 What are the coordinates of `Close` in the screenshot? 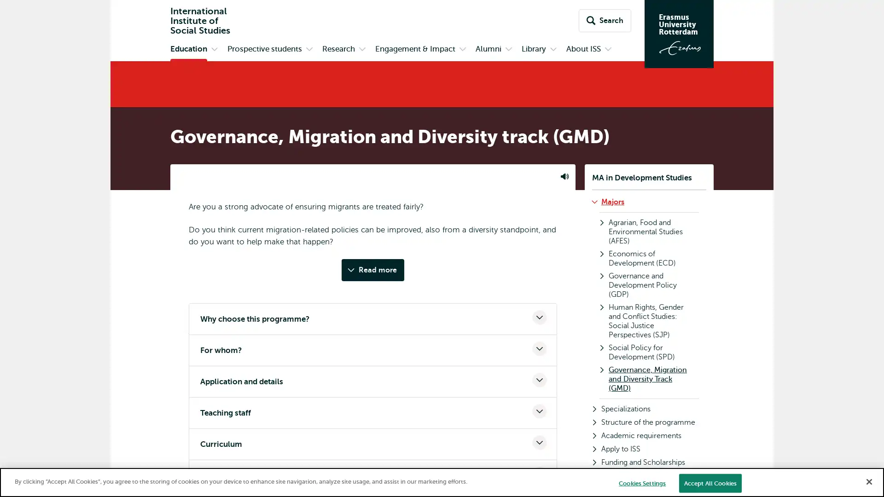 It's located at (868, 480).